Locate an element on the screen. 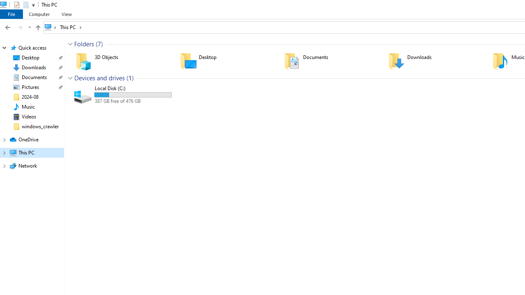  'Name' is located at coordinates (133, 88).